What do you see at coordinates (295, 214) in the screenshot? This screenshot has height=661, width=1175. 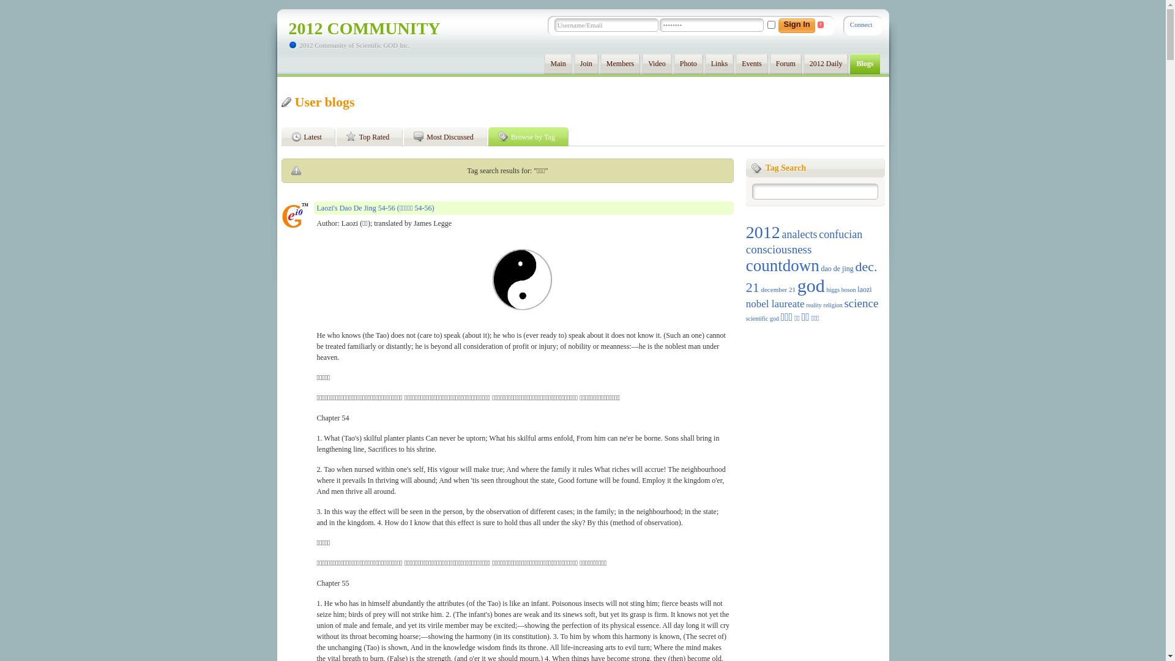 I see `'Administrator'` at bounding box center [295, 214].